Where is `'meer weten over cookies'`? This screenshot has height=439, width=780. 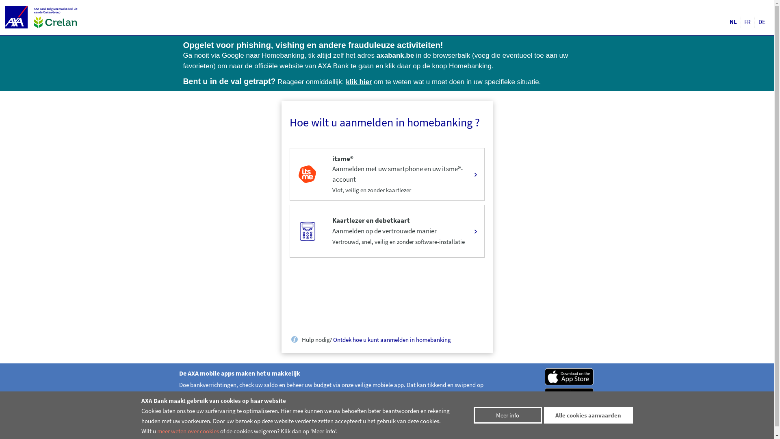 'meer weten over cookies' is located at coordinates (187, 430).